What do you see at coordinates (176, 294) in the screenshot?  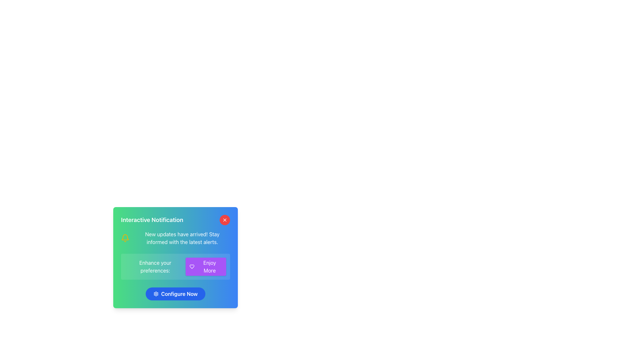 I see `the 'Configure Now' button, which is a rounded rectangular button with a bright blue background and white text, located at the bottom of a card-like notification` at bounding box center [176, 294].